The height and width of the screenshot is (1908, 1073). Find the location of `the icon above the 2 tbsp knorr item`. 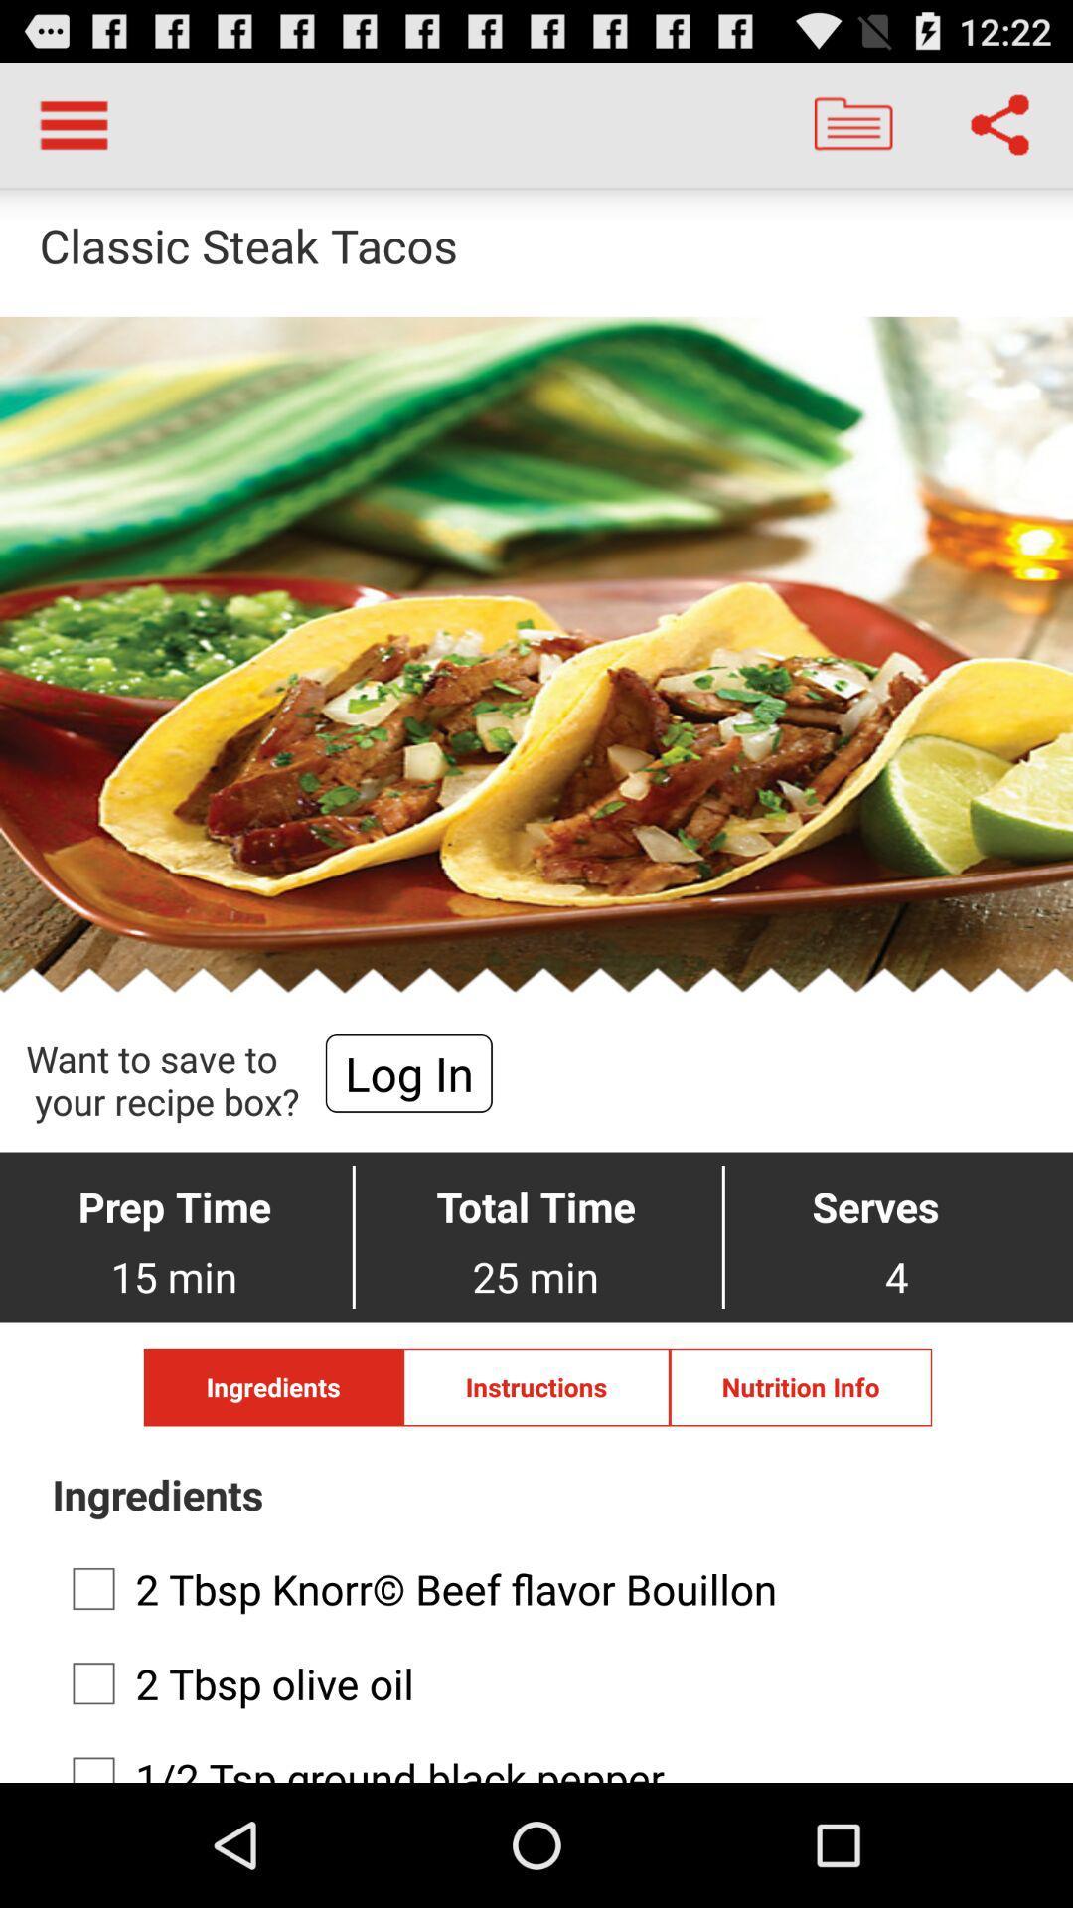

the icon above the 2 tbsp knorr item is located at coordinates (800, 1386).